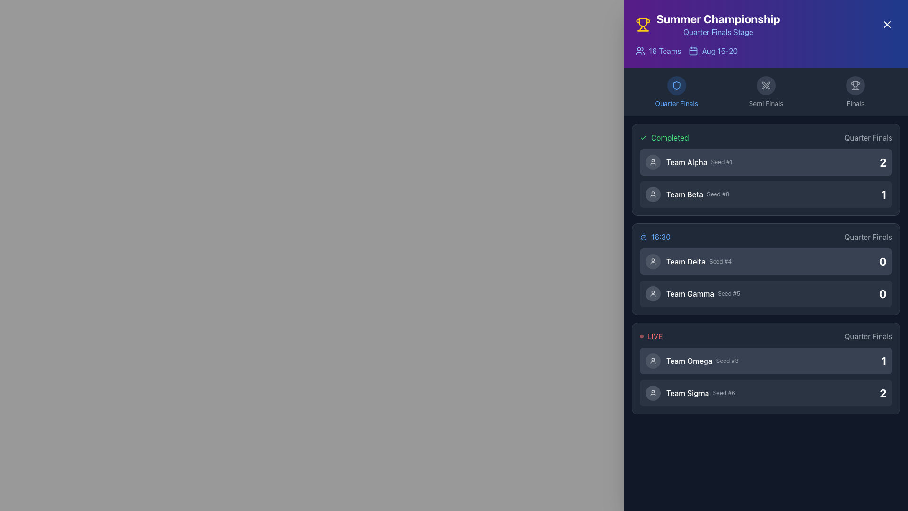 This screenshot has width=908, height=511. I want to click on the clickable list item displaying information about 'Team Sigma' and its seed 'Seed #6', so click(690, 393).